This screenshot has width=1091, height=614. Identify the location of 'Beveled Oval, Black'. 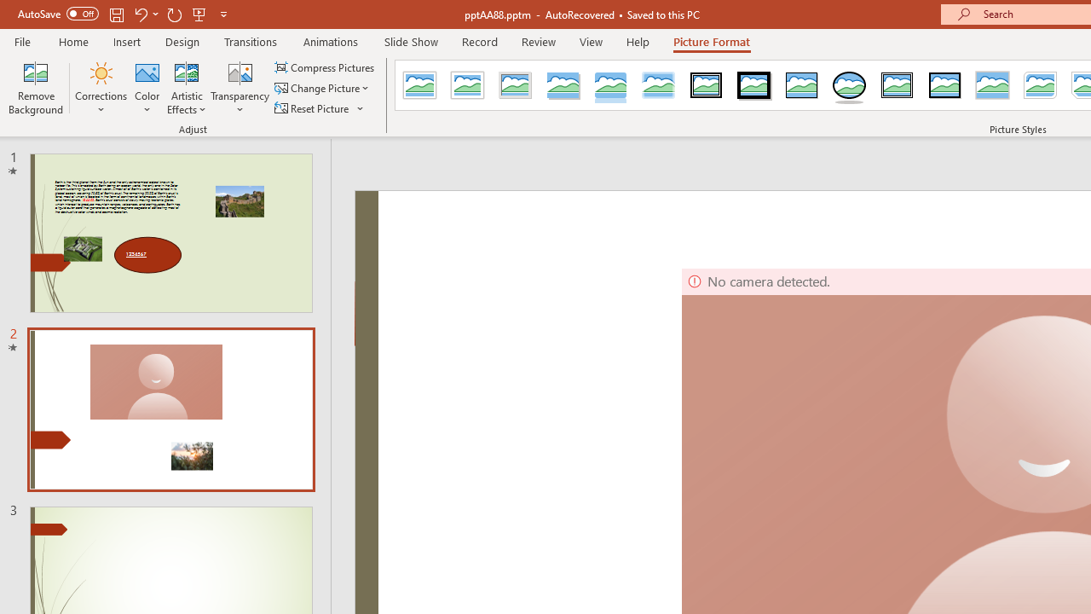
(850, 85).